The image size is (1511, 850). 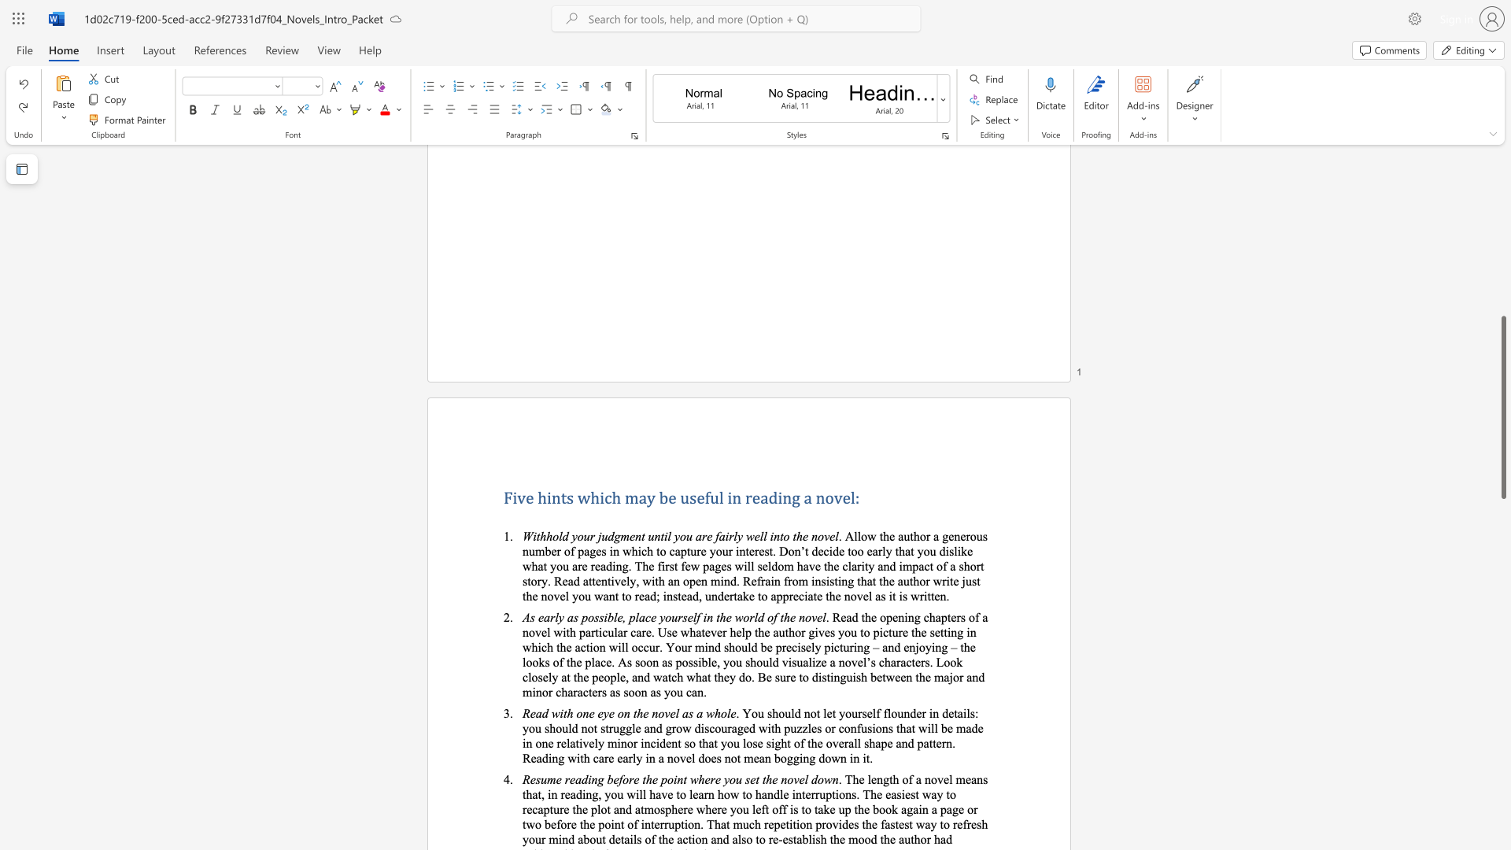 I want to click on the subset text "with one eye on the novel" within the text "Read with one eye on the novel as a whole", so click(x=551, y=713).